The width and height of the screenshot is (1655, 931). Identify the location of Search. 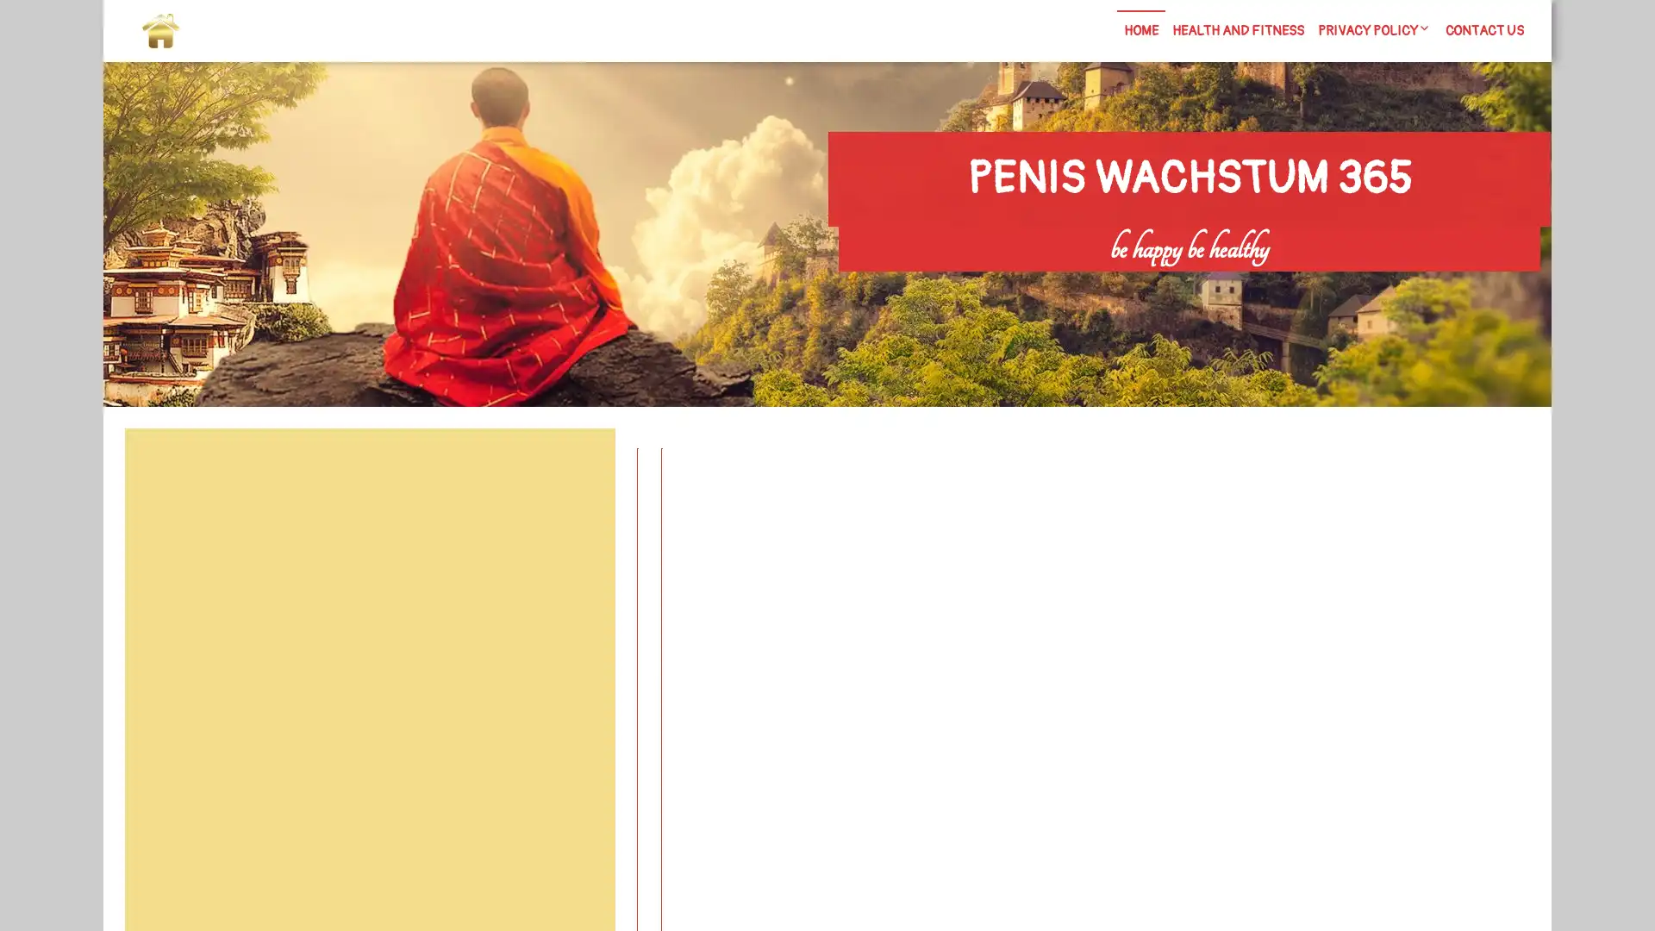
(1342, 282).